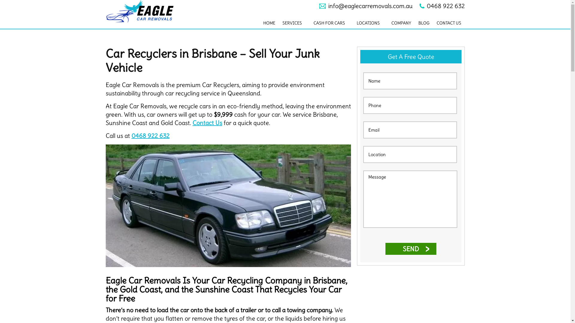 Image resolution: width=575 pixels, height=323 pixels. What do you see at coordinates (269, 23) in the screenshot?
I see `'HOME'` at bounding box center [269, 23].